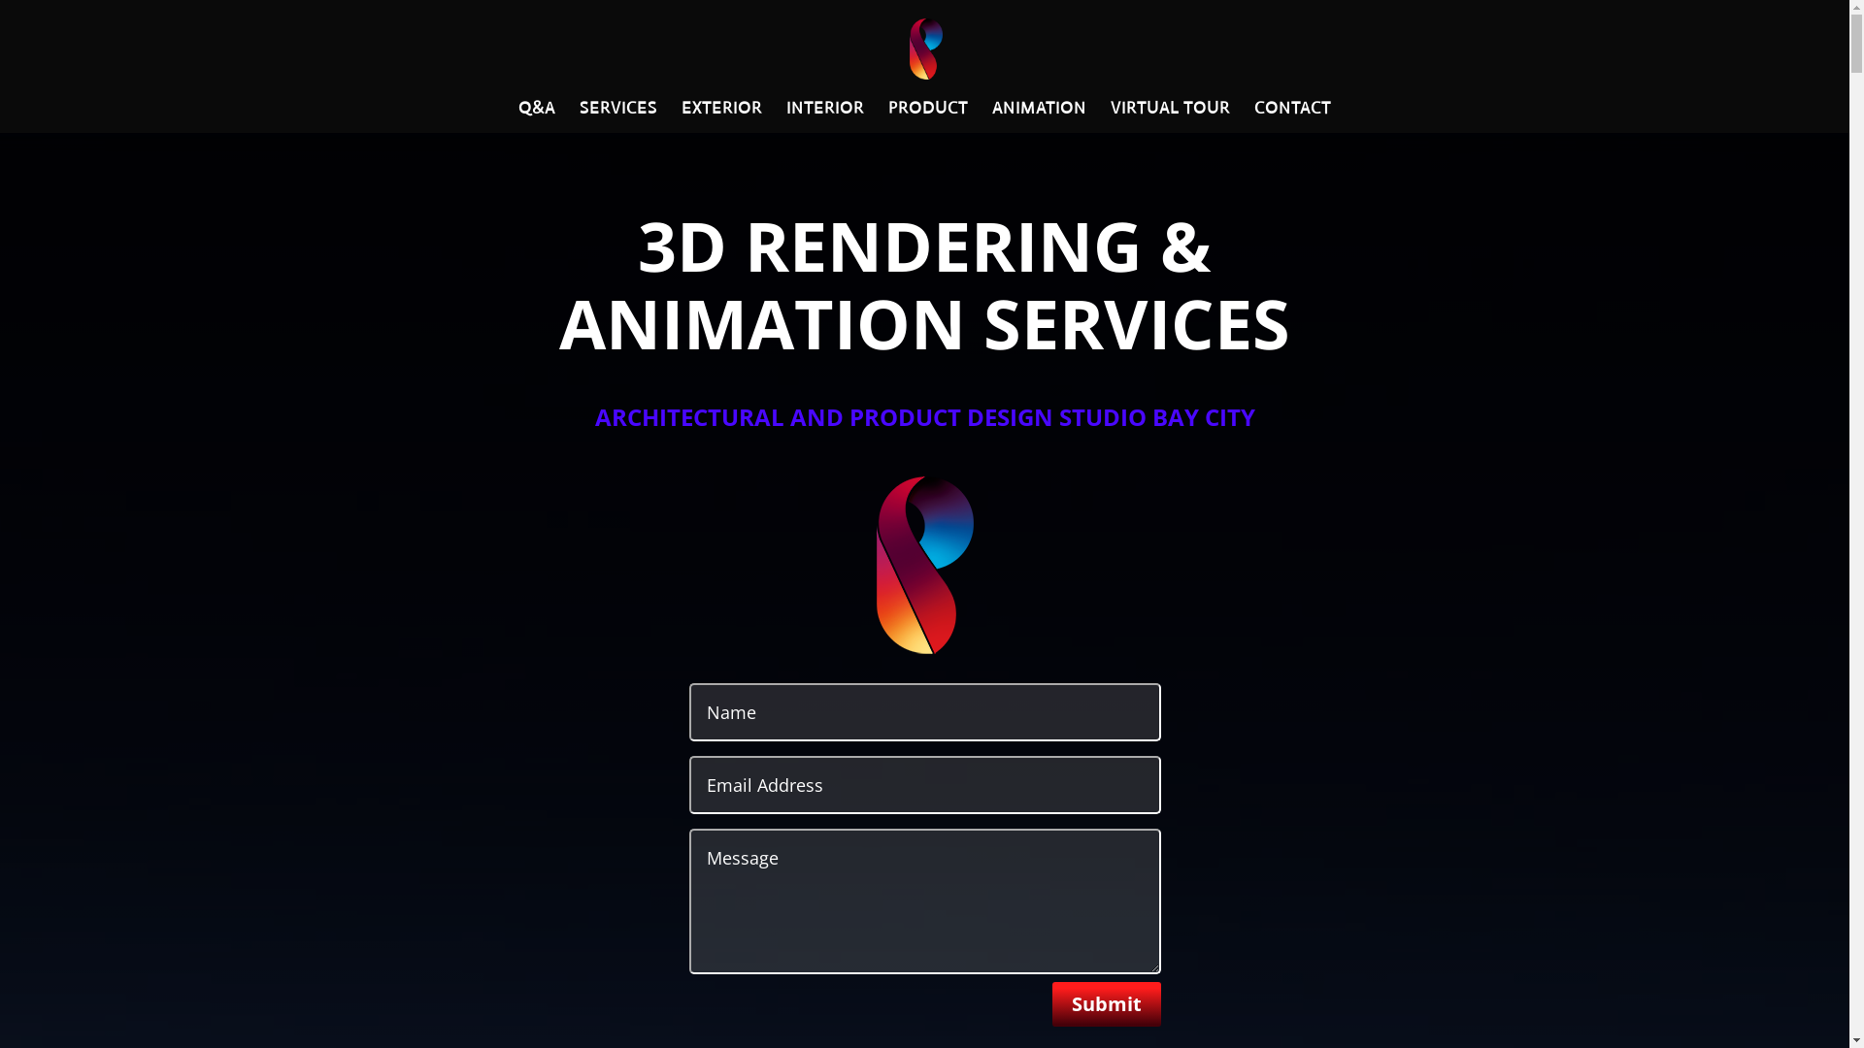 This screenshot has width=1864, height=1048. What do you see at coordinates (1051, 1003) in the screenshot?
I see `'Submit'` at bounding box center [1051, 1003].